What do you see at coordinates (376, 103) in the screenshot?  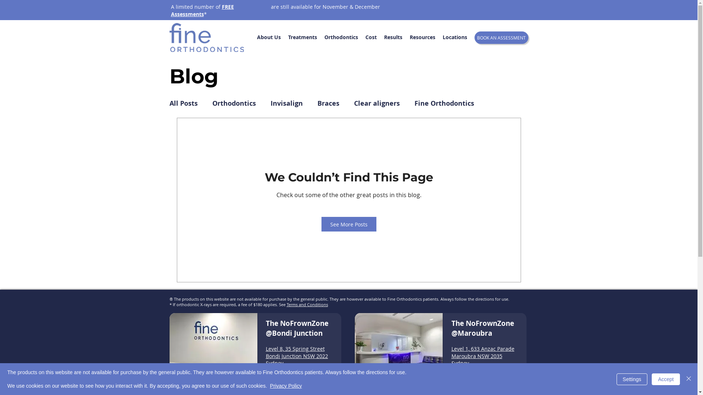 I see `'Clear aligners'` at bounding box center [376, 103].